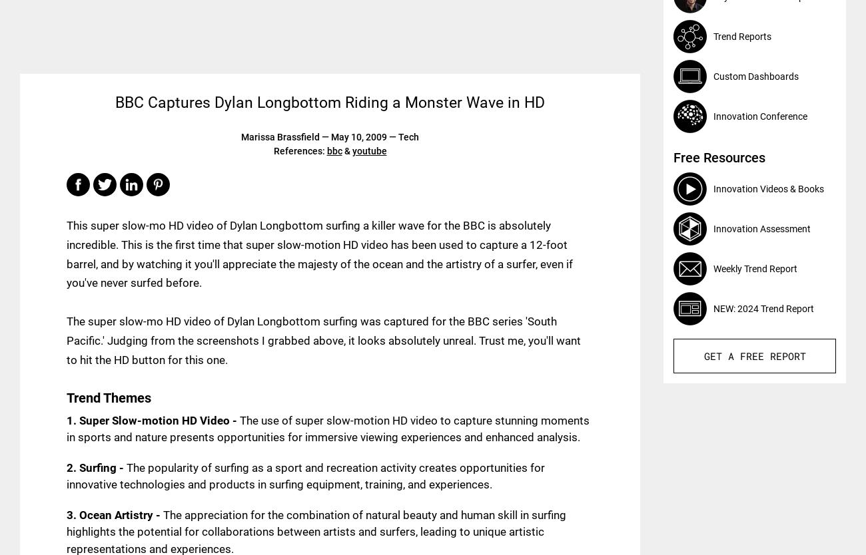 Image resolution: width=866 pixels, height=555 pixels. What do you see at coordinates (769, 188) in the screenshot?
I see `'Innovation Videos & Books'` at bounding box center [769, 188].